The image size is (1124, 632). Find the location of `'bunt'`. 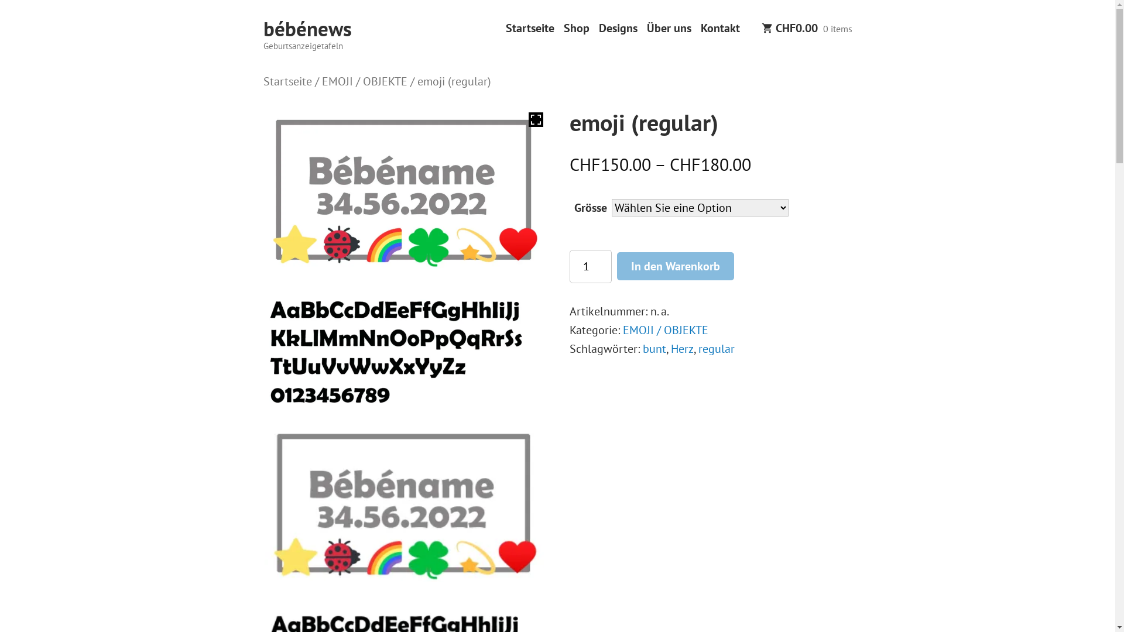

'bunt' is located at coordinates (654, 348).